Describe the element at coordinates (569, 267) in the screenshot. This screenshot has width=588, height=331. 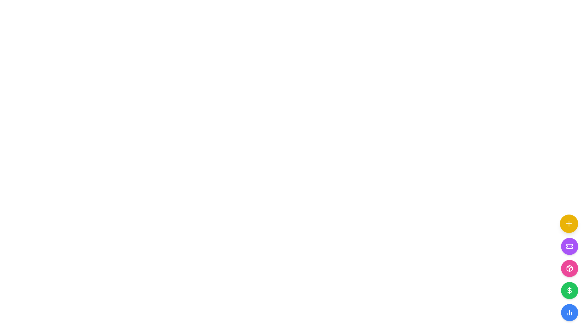
I see `the package icon by clicking on the graphical icon element located towards the central lower area of the icon's graphics` at that location.